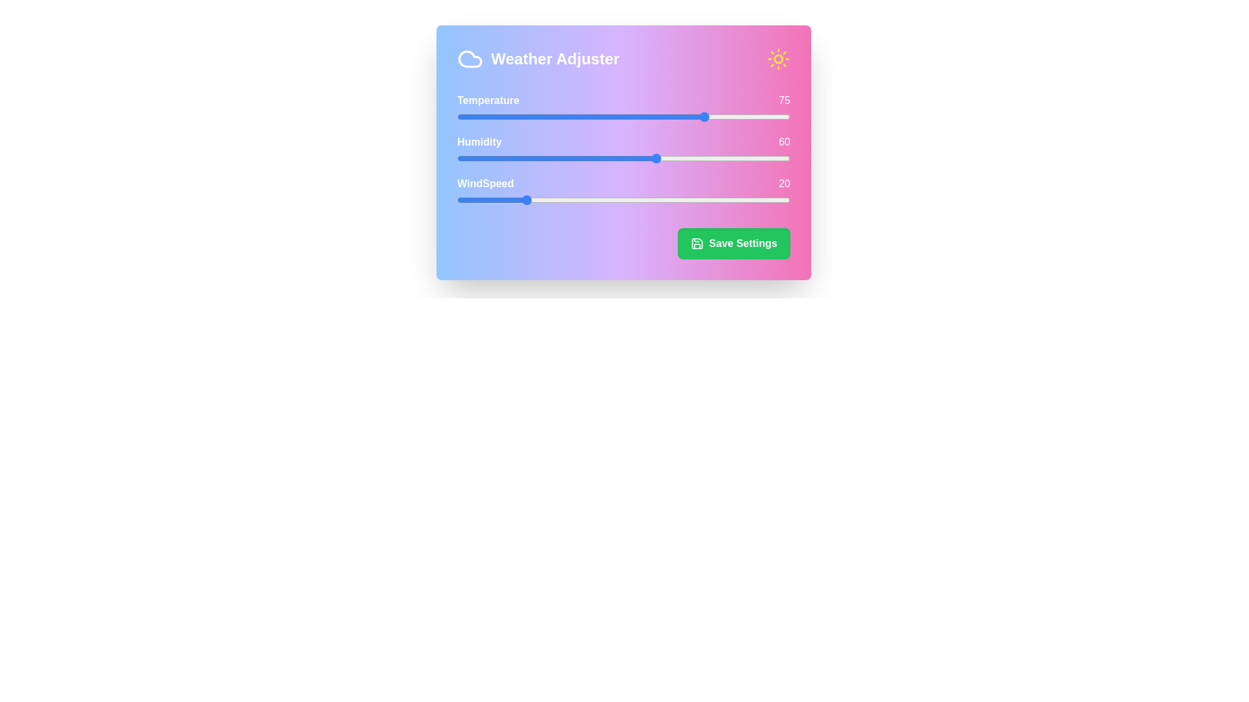  Describe the element at coordinates (496, 200) in the screenshot. I see `the wind speed` at that location.